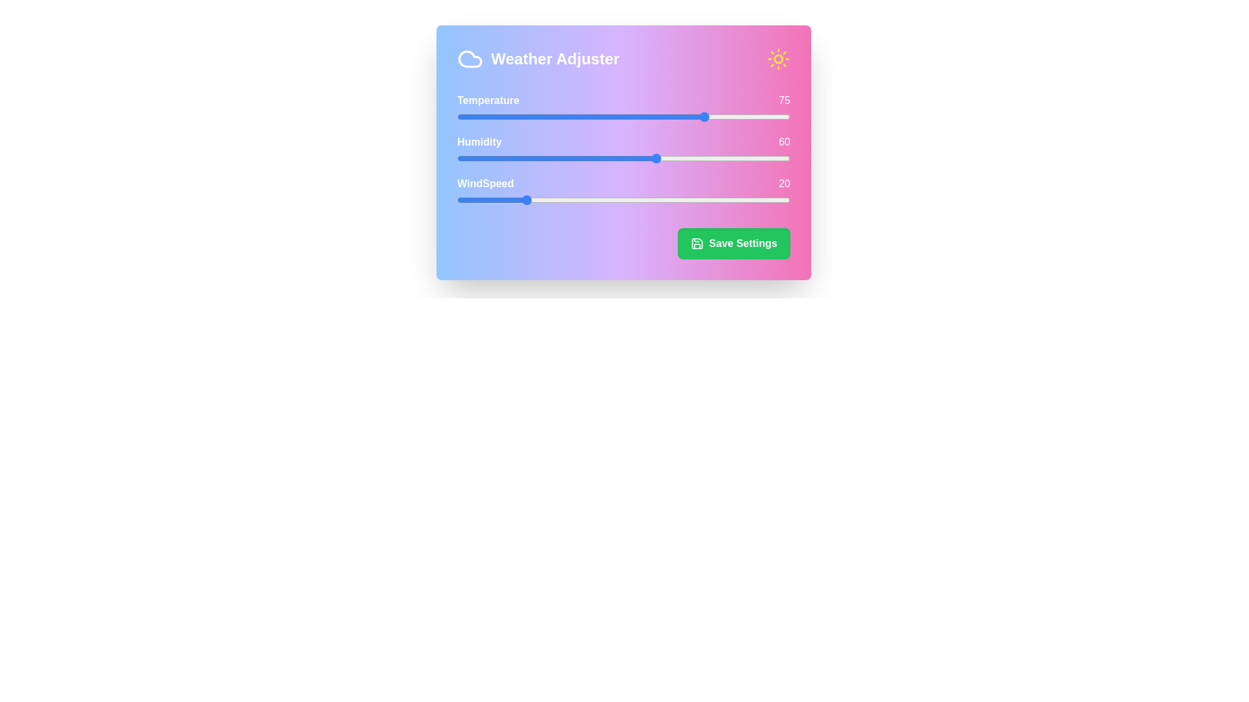  Describe the element at coordinates (496, 200) in the screenshot. I see `the wind speed` at that location.